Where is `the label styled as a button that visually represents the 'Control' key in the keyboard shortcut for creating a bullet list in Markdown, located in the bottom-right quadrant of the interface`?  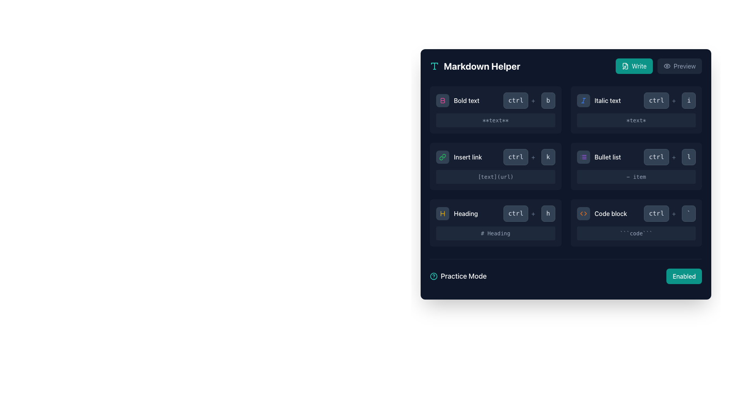 the label styled as a button that visually represents the 'Control' key in the keyboard shortcut for creating a bullet list in Markdown, located in the bottom-right quadrant of the interface is located at coordinates (656, 157).